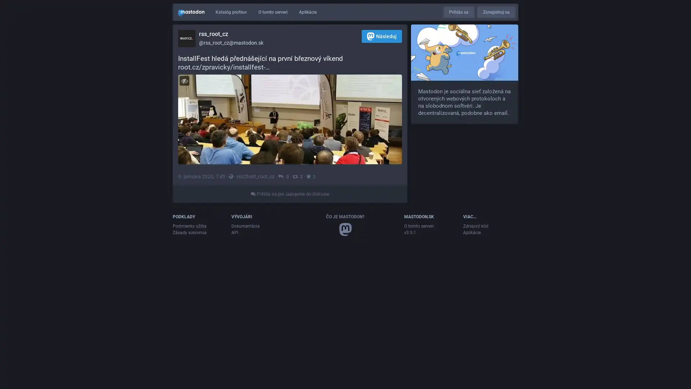  I want to click on Zapni/Vypni viditelnost, so click(184, 81).